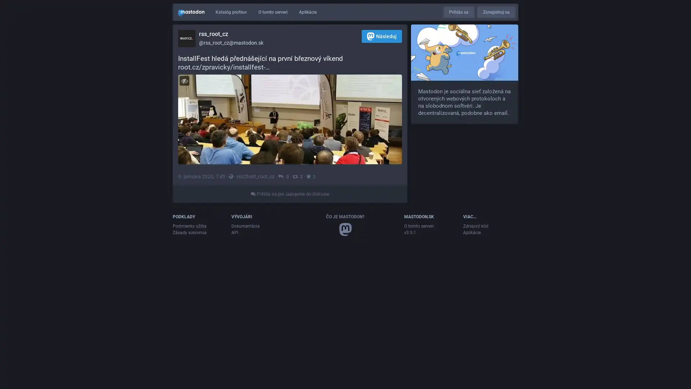  I want to click on Zapni/Vypni viditelnost, so click(184, 81).